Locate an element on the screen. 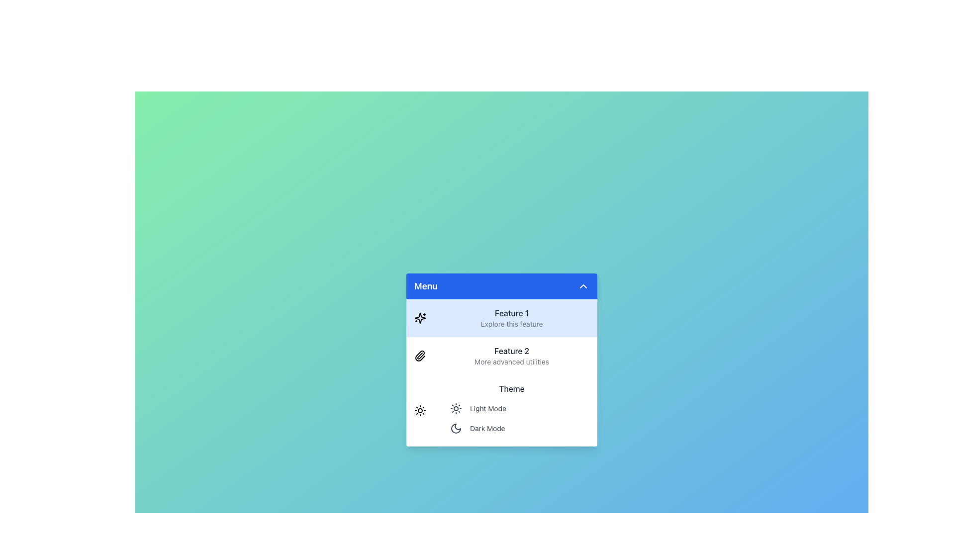  the 'Light Mode' icon located on the far left of the 'Theme' section in the vertical settings list is located at coordinates (455, 408).